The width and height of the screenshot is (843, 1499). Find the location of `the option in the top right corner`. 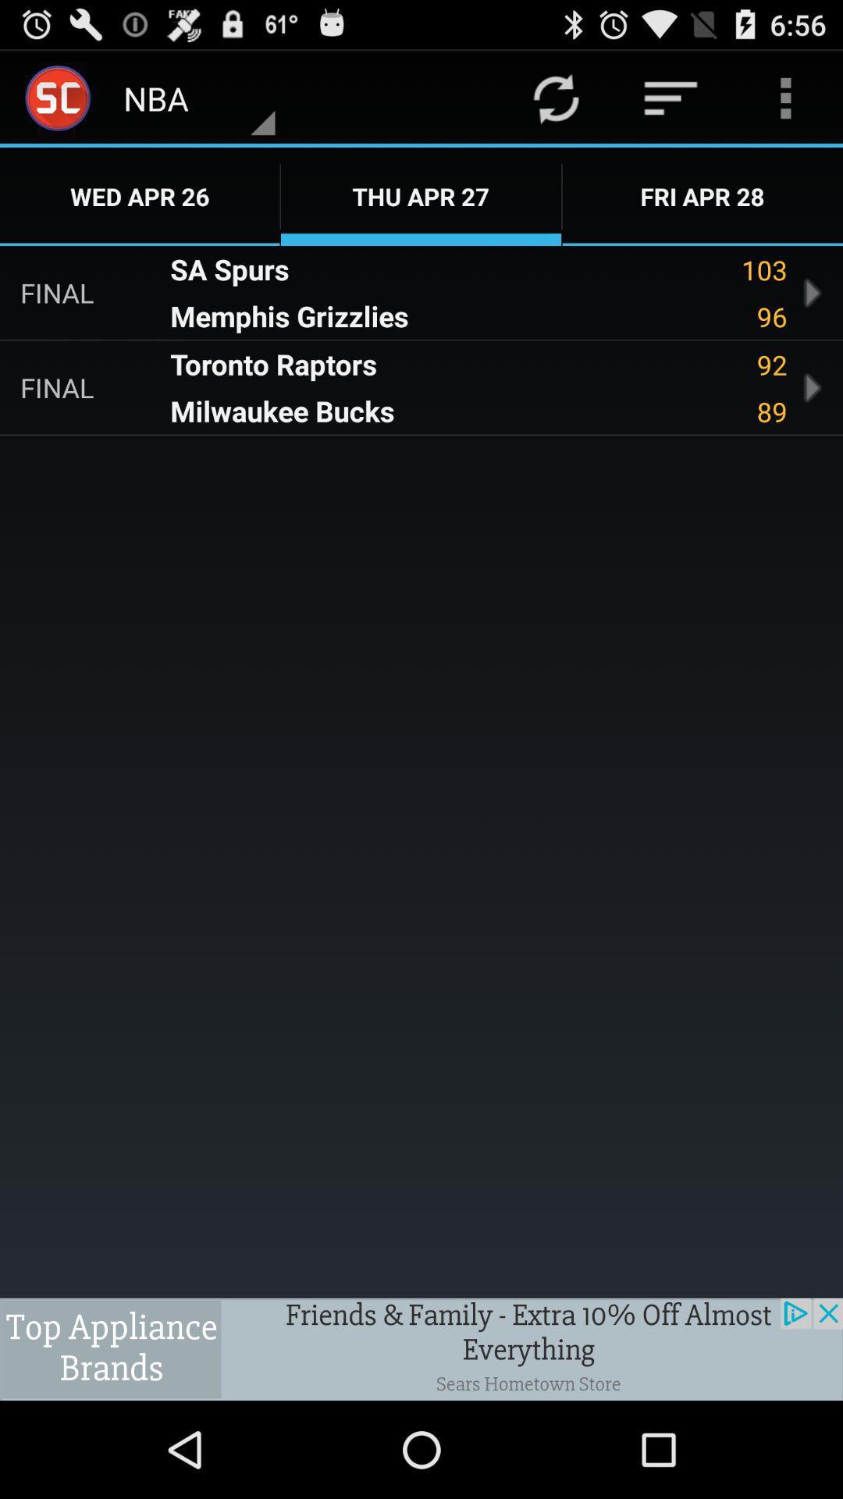

the option in the top right corner is located at coordinates (785, 97).